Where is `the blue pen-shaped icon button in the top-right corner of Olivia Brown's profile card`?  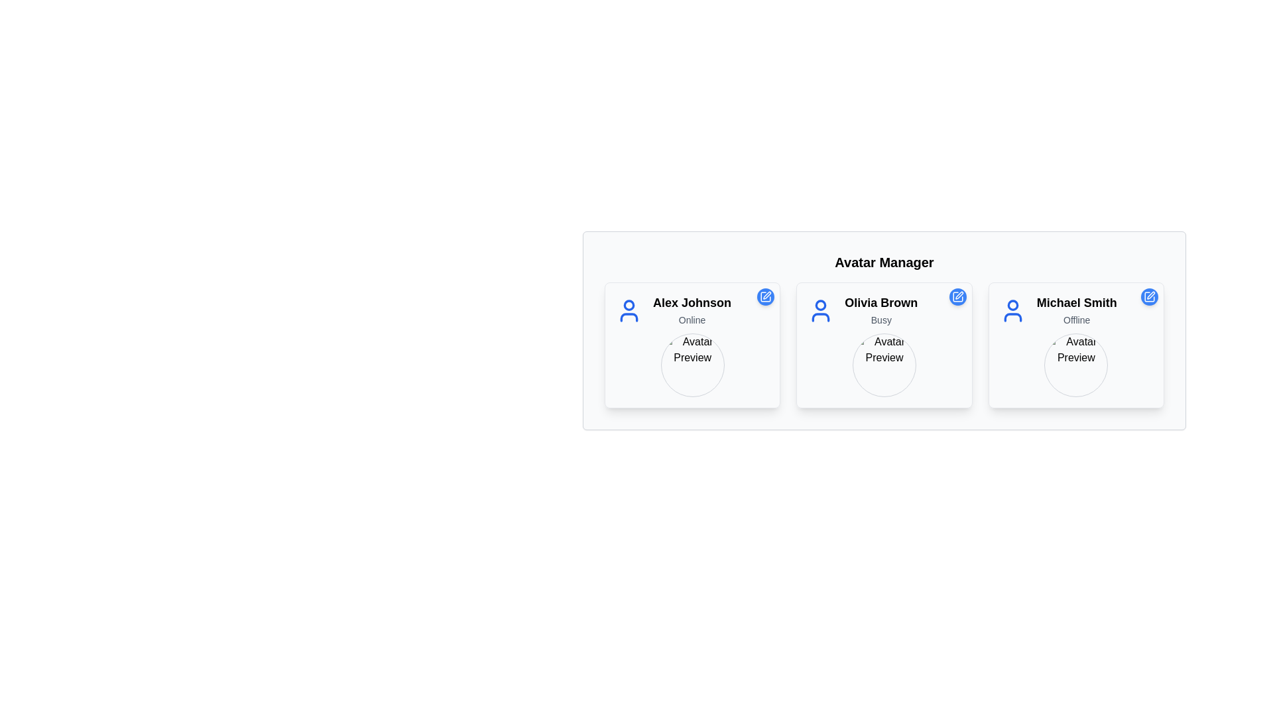
the blue pen-shaped icon button in the top-right corner of Olivia Brown's profile card is located at coordinates (1150, 294).